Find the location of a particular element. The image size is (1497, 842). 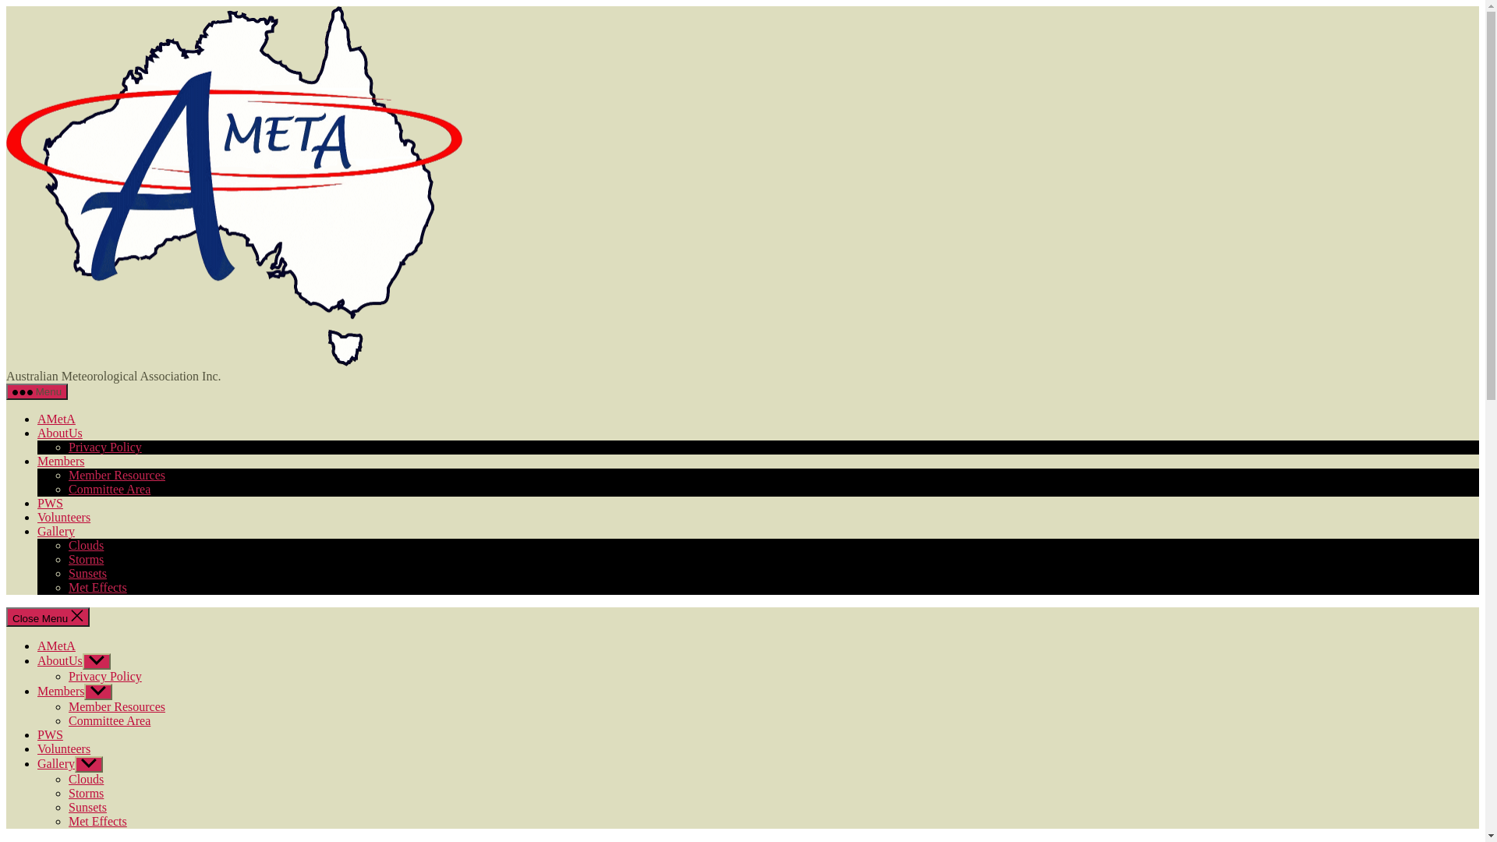

'Members' is located at coordinates (60, 460).